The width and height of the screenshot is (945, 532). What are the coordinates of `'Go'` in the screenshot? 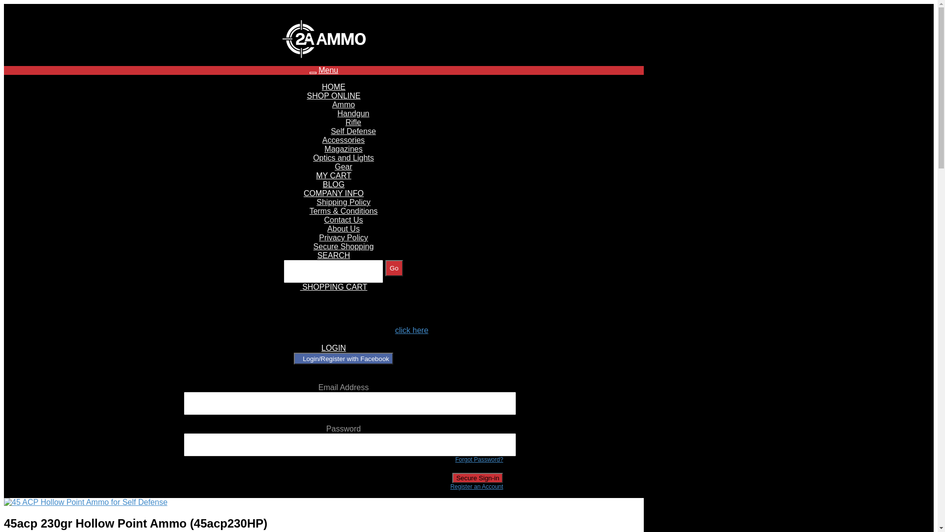 It's located at (384, 268).